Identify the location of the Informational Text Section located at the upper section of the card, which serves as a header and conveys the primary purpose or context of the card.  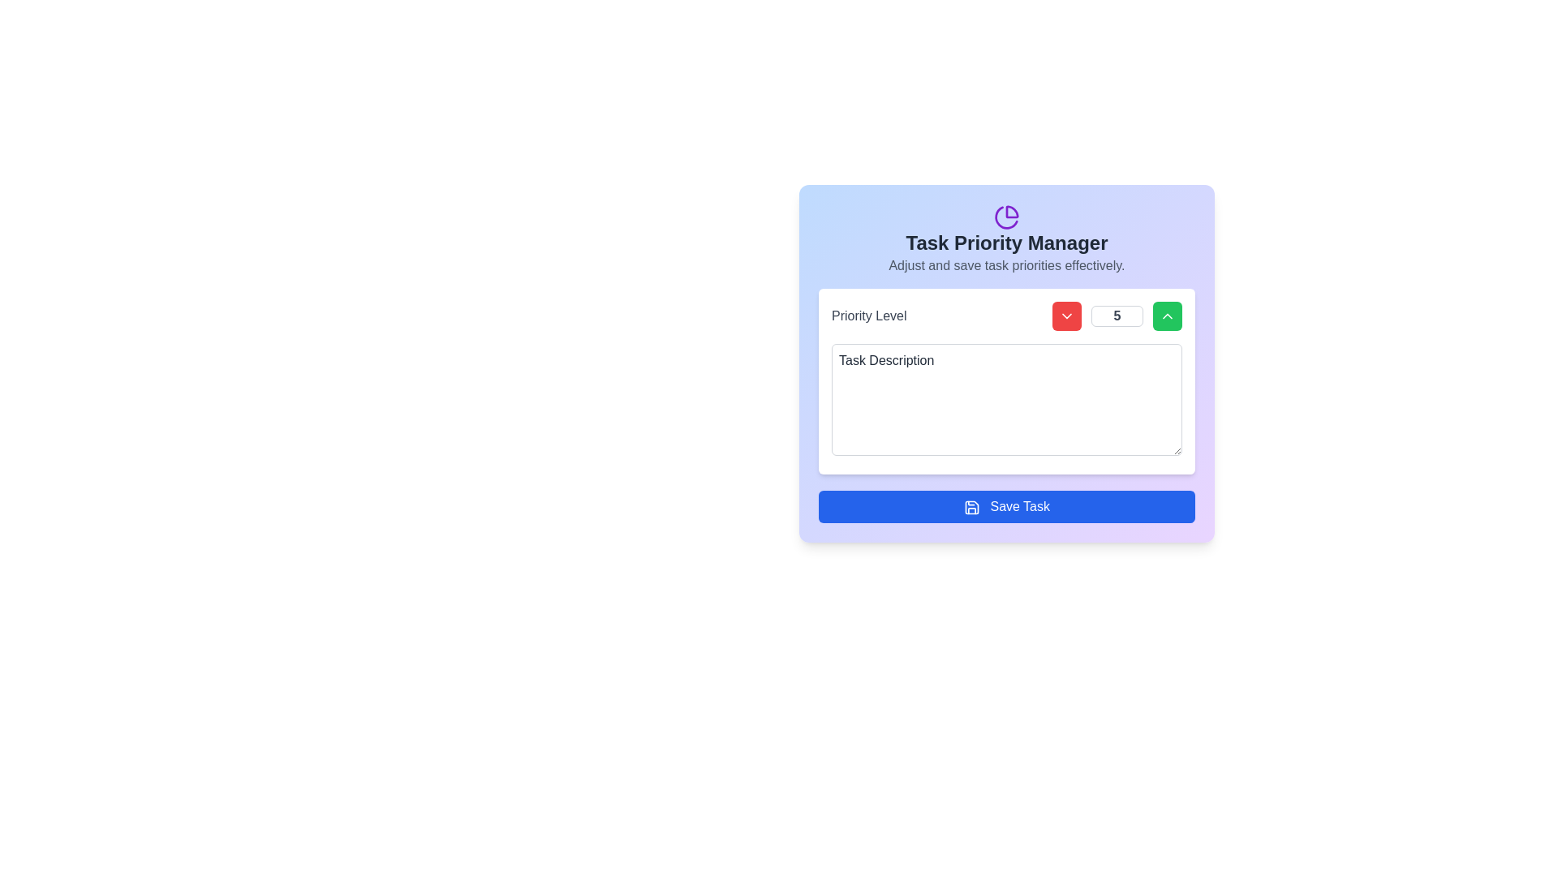
(1006, 247).